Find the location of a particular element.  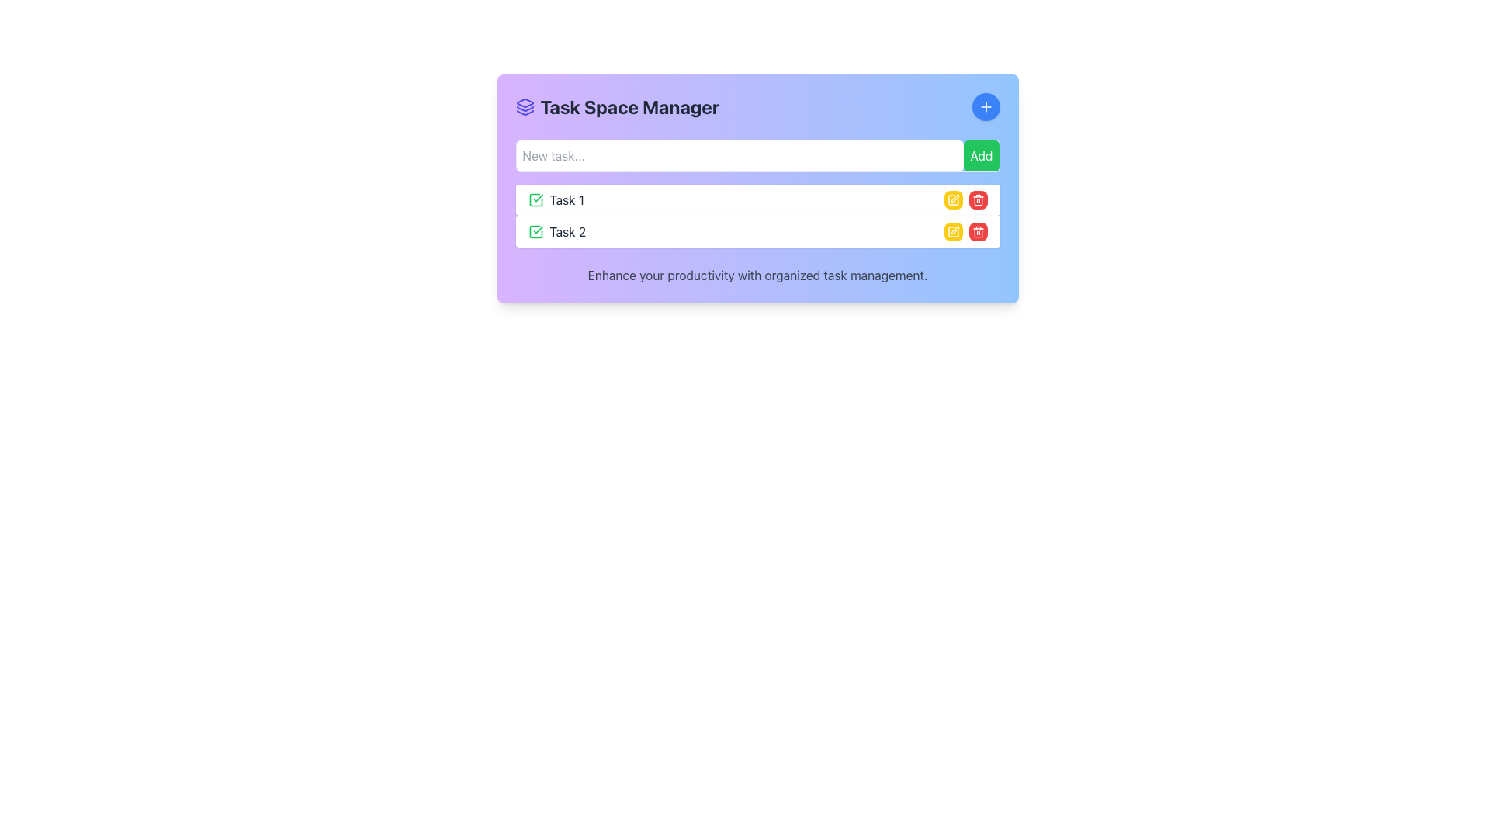

the text element that reads 'Enhance your productivity with organized task management.' which is centered at the bottom of the card is located at coordinates (757, 274).